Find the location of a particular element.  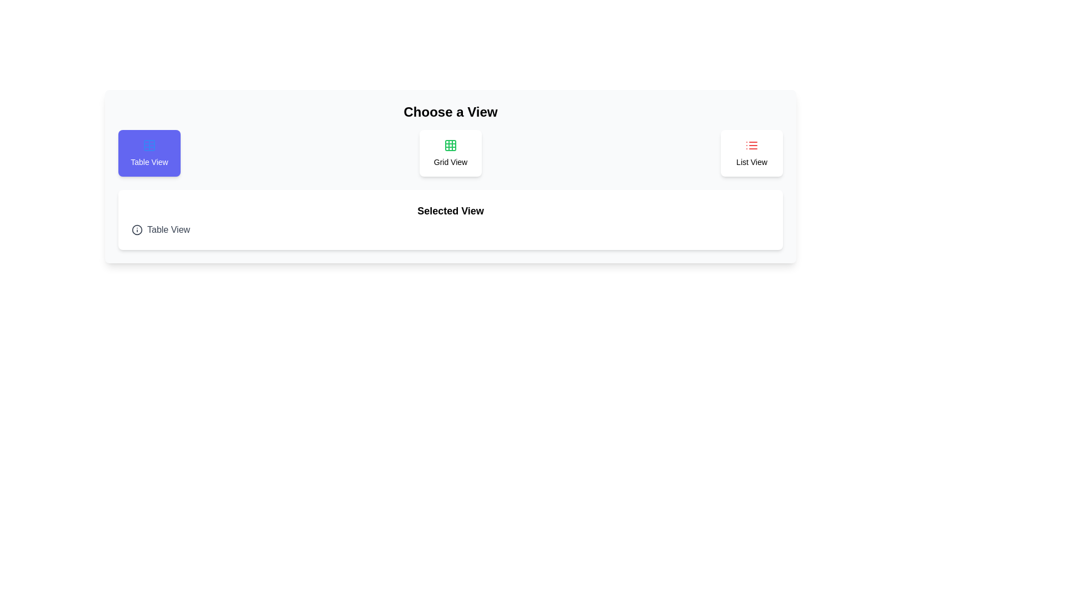

the blue rectangular icon with rounded corners located centrally within the 'Table View' button is located at coordinates (148, 145).